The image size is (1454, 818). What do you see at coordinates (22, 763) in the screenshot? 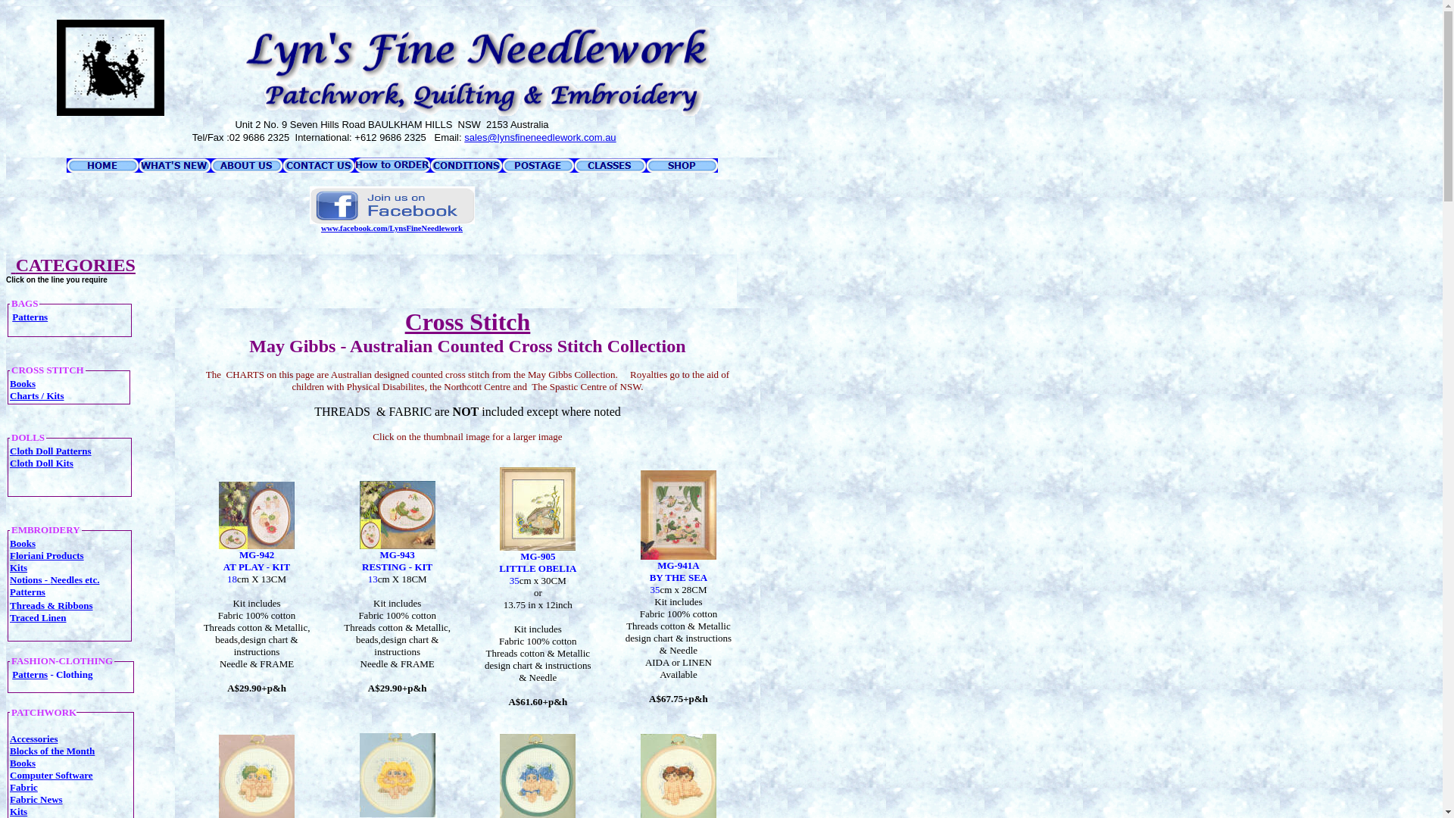
I see `'Books'` at bounding box center [22, 763].